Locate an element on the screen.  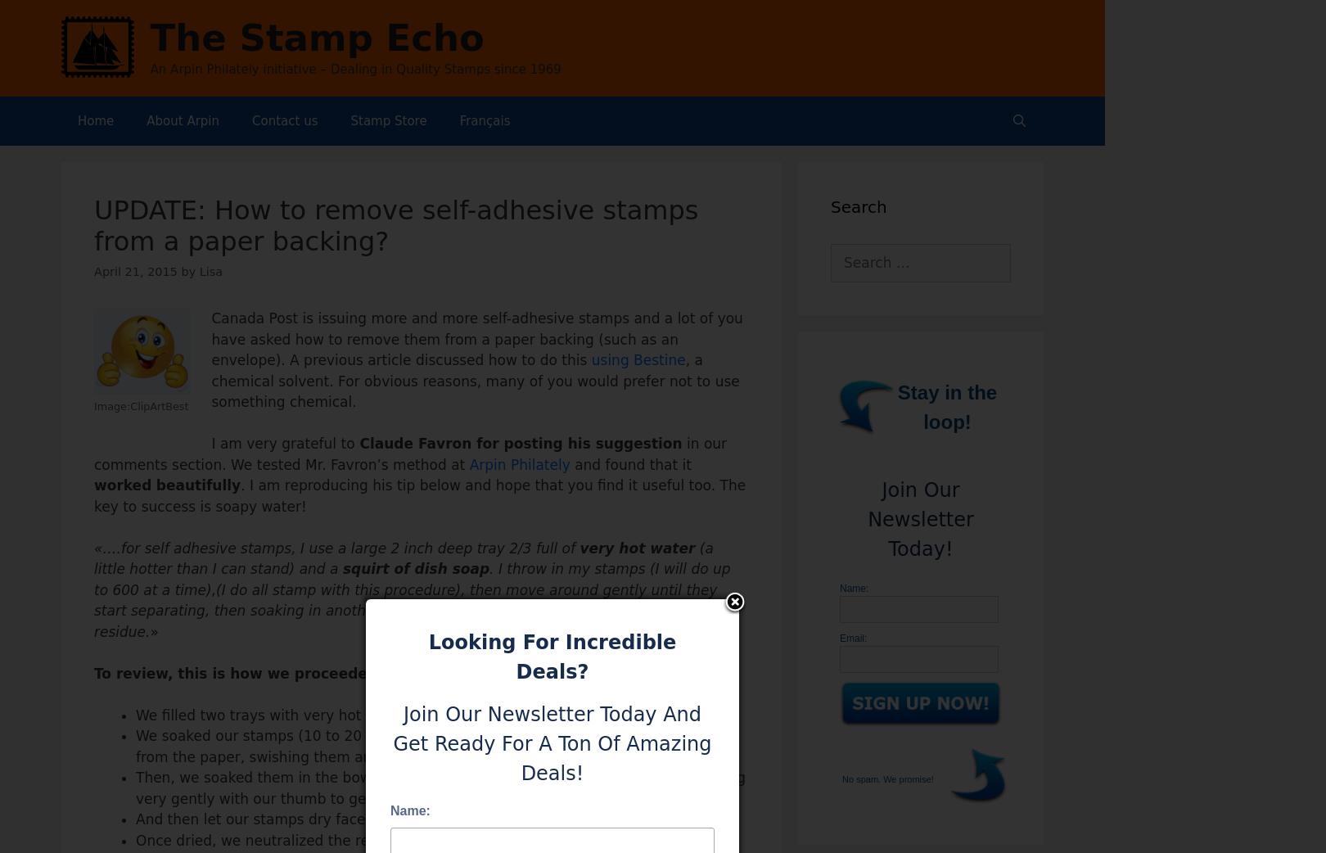
'I am very grateful to' is located at coordinates (282, 443).